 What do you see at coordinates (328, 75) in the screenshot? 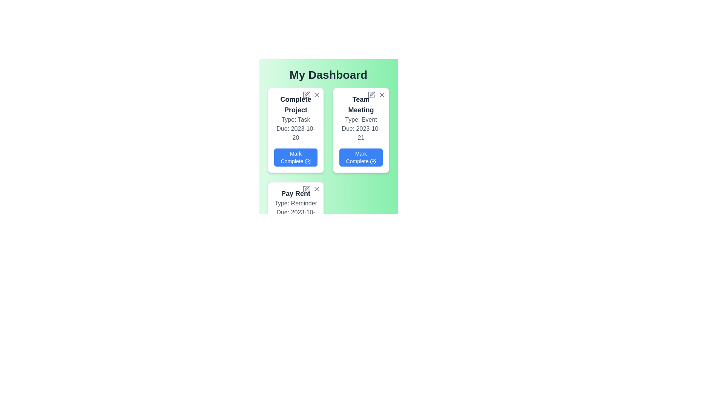
I see `the Text header at the top-center of the dashboard to identify the dashboard context` at bounding box center [328, 75].